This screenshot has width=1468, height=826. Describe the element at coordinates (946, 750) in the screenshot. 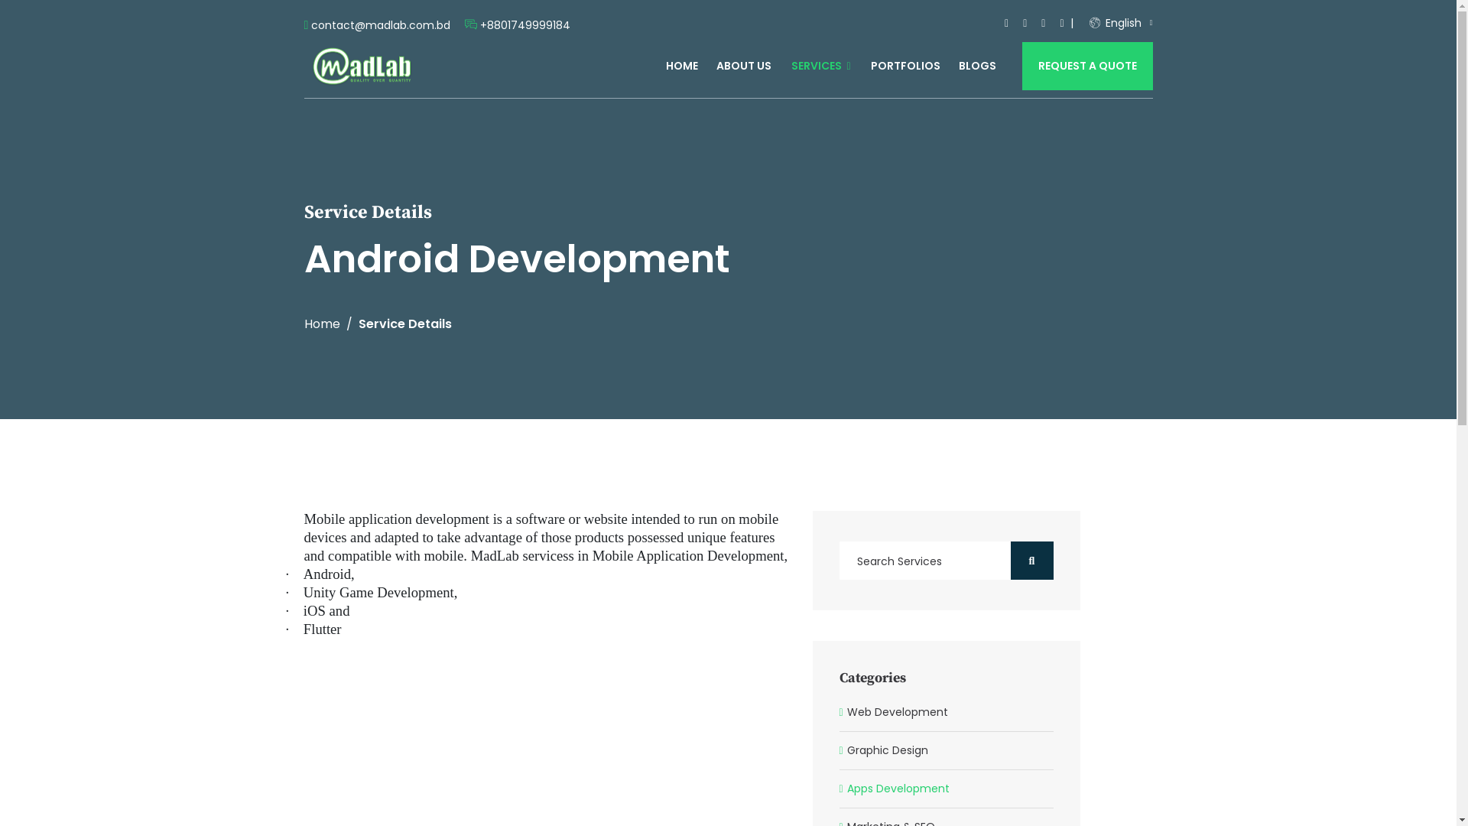

I see `'Graphic Design'` at that location.